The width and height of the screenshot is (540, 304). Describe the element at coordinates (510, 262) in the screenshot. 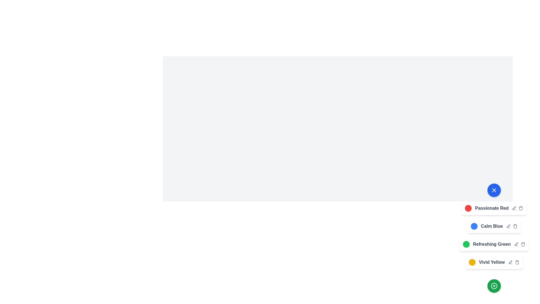

I see `edit button next to the color theme named Vivid Yellow` at that location.